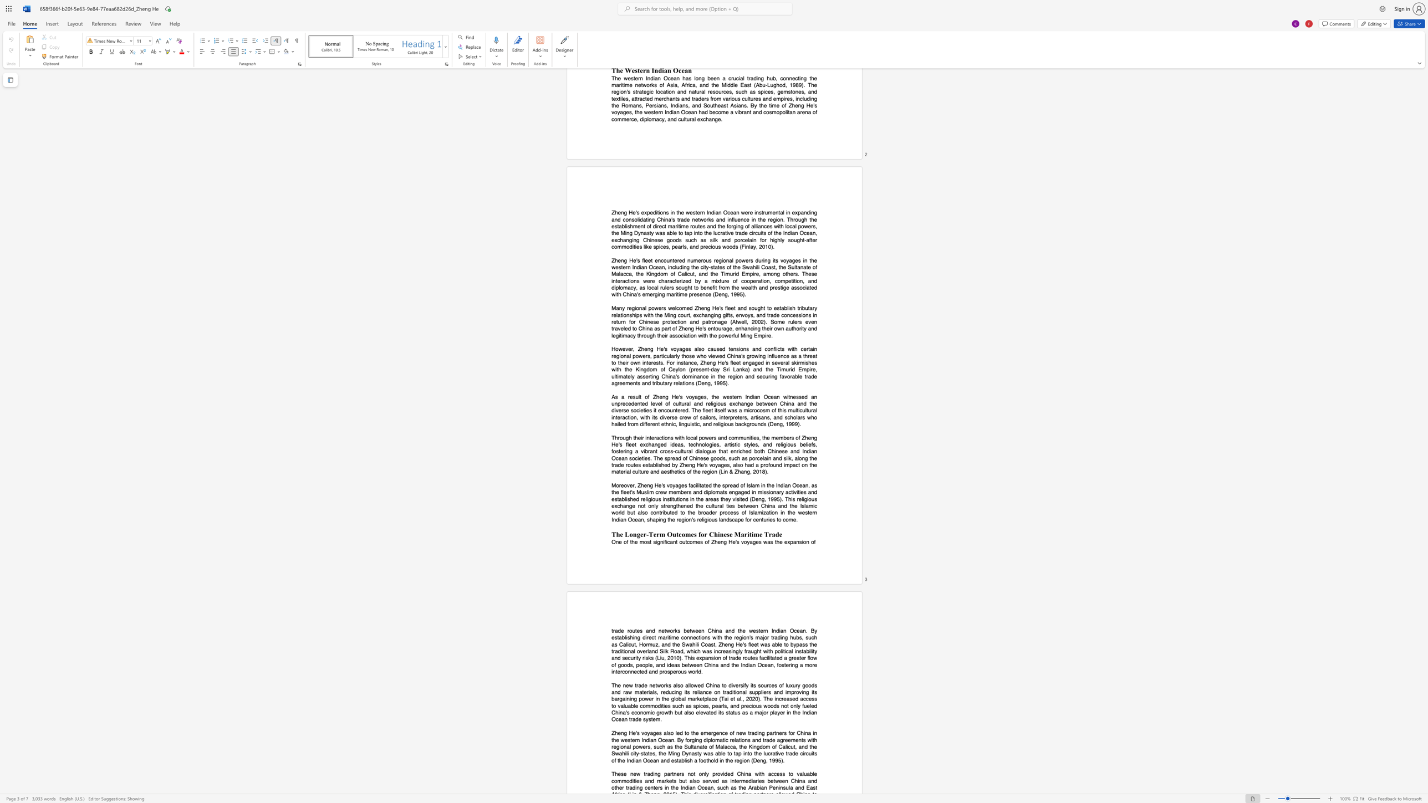 Image resolution: width=1428 pixels, height=803 pixels. What do you see at coordinates (803, 542) in the screenshot?
I see `the space between the continuous character "i" and "o" in the text` at bounding box center [803, 542].